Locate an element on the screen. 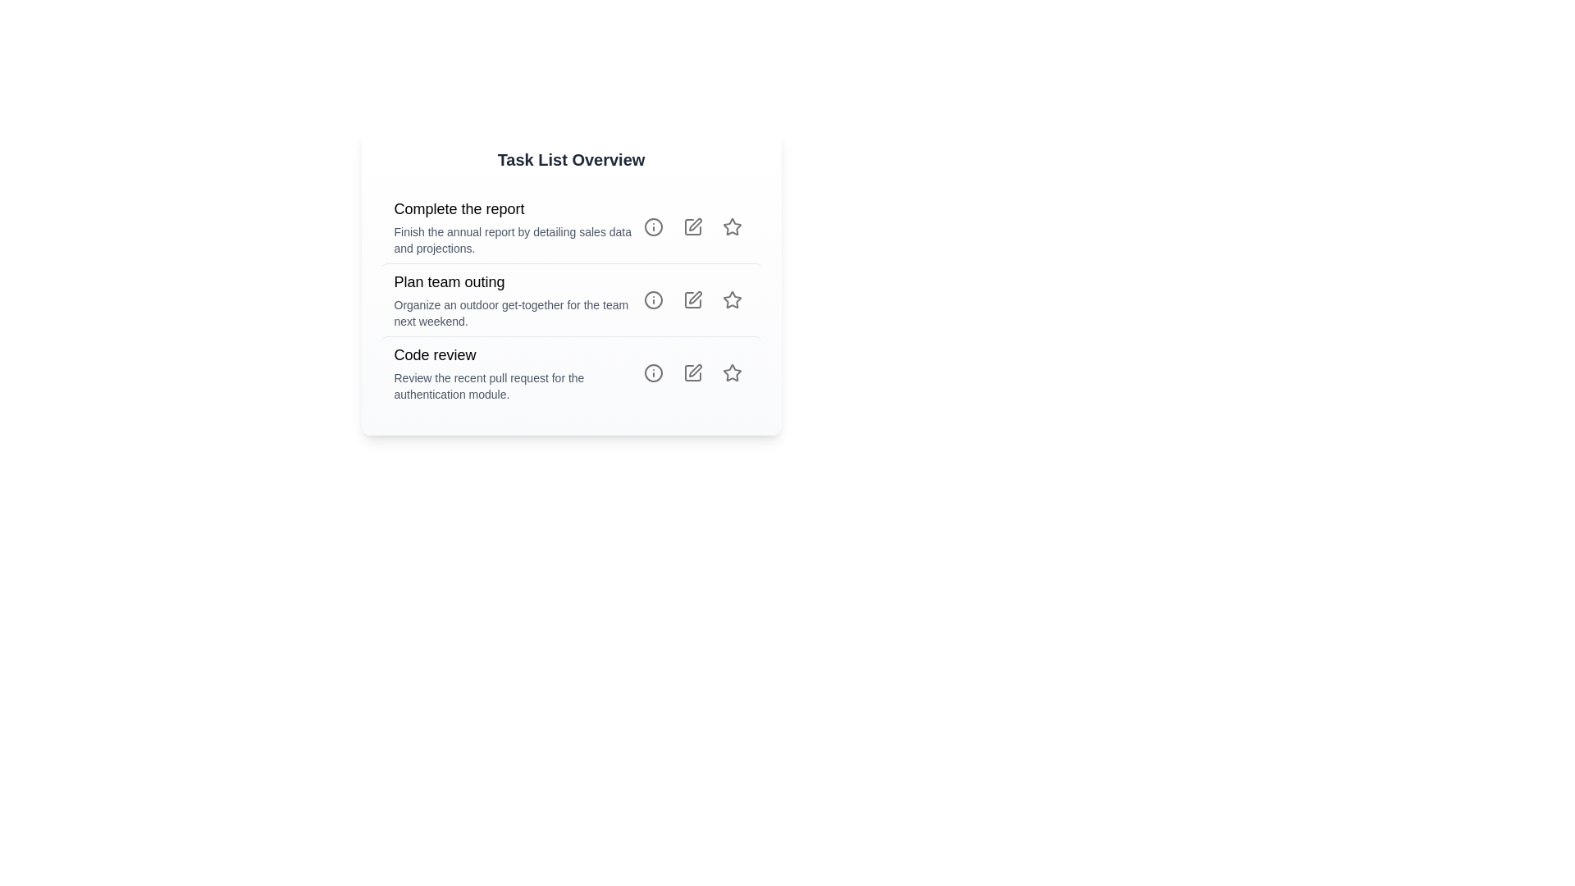 This screenshot has width=1575, height=886. the SVG Circle that serves as a visual indicator for the task, located adjacent to the 'Complete the report' text is located at coordinates (652, 227).